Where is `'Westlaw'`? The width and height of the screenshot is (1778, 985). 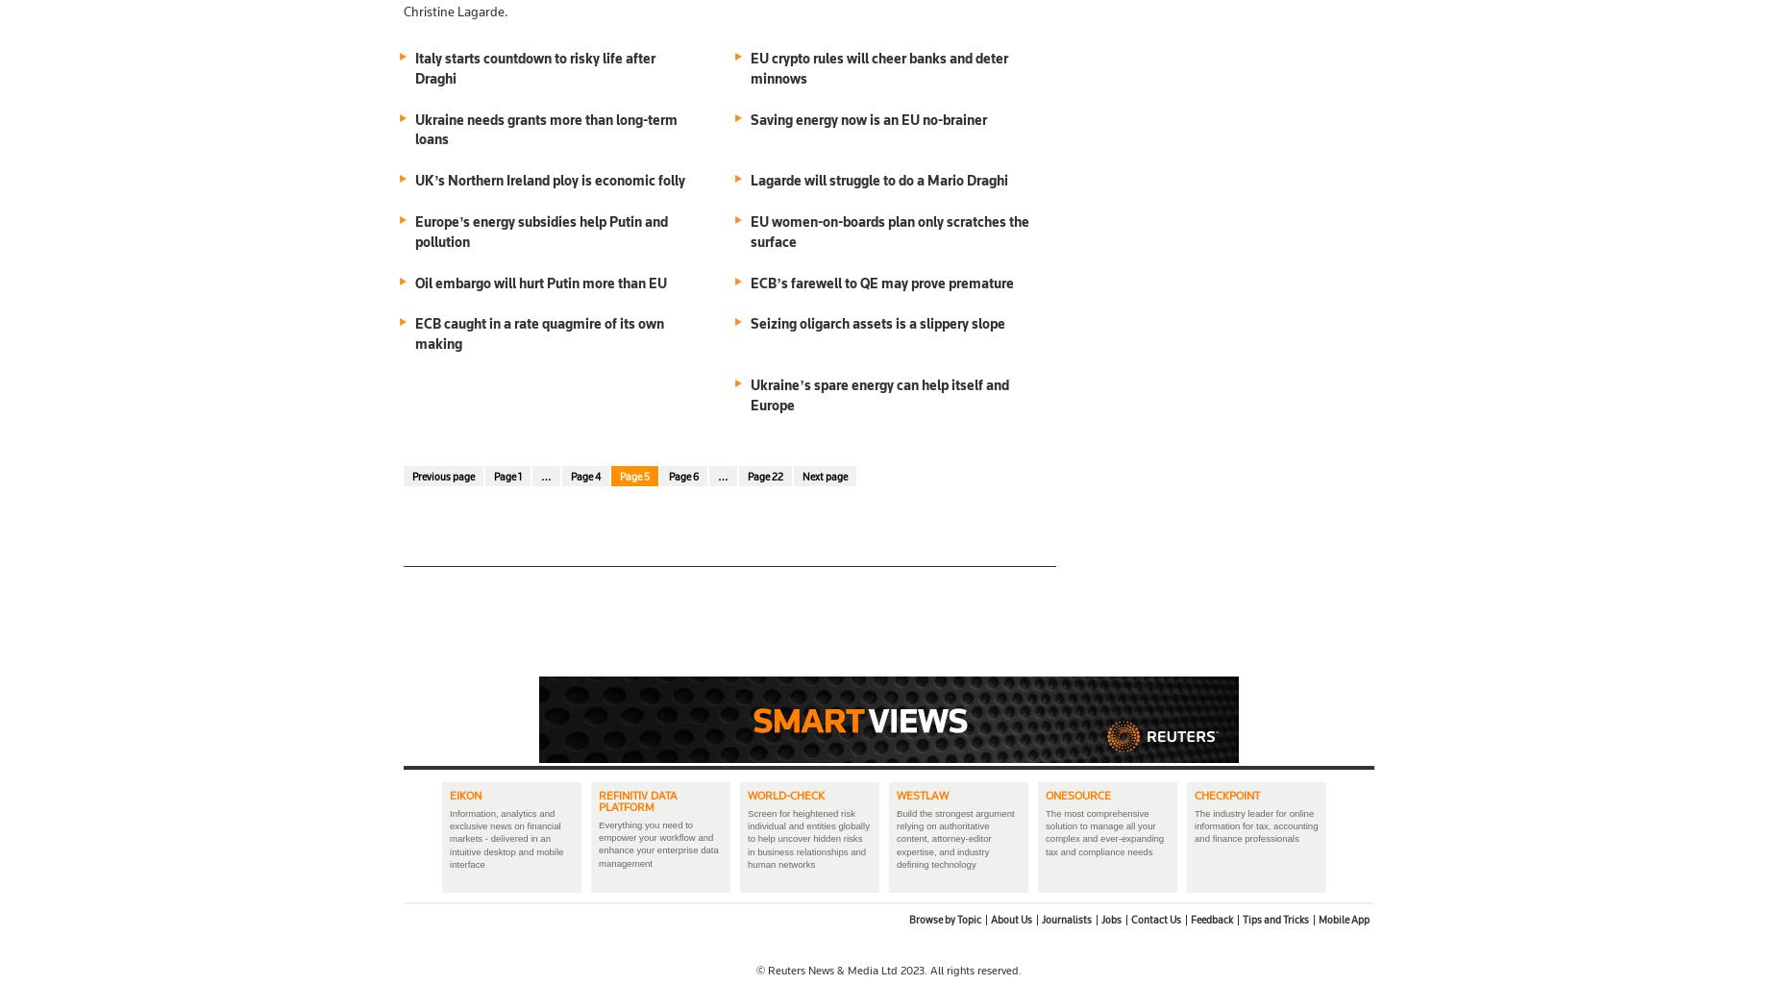 'Westlaw' is located at coordinates (921, 793).